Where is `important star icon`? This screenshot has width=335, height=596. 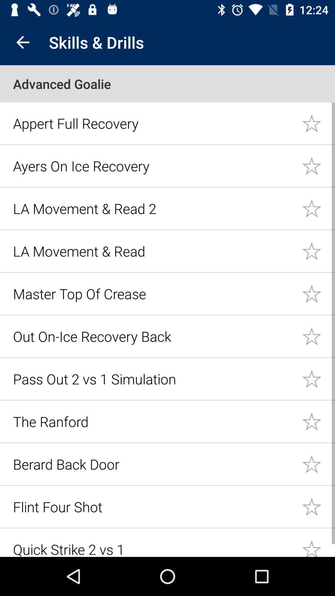 important star icon is located at coordinates (318, 421).